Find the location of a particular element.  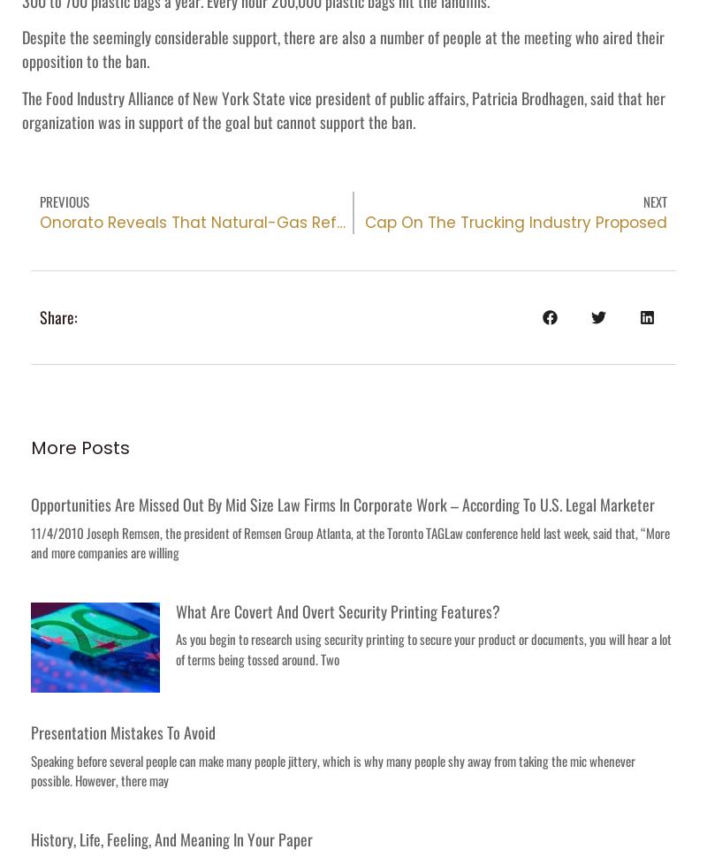

'History, Life, Feeling, and Meaning in Your Paper' is located at coordinates (171, 838).